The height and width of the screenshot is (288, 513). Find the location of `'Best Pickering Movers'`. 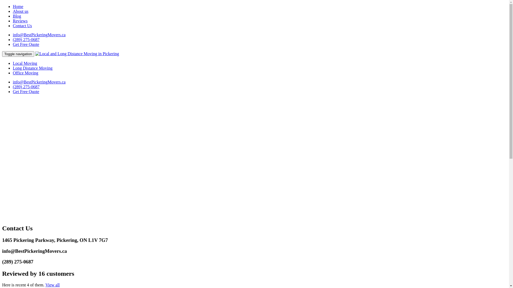

'Best Pickering Movers' is located at coordinates (77, 54).